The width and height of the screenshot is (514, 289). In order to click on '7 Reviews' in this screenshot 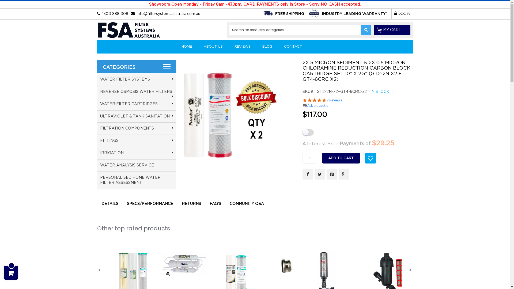, I will do `click(326, 100)`.